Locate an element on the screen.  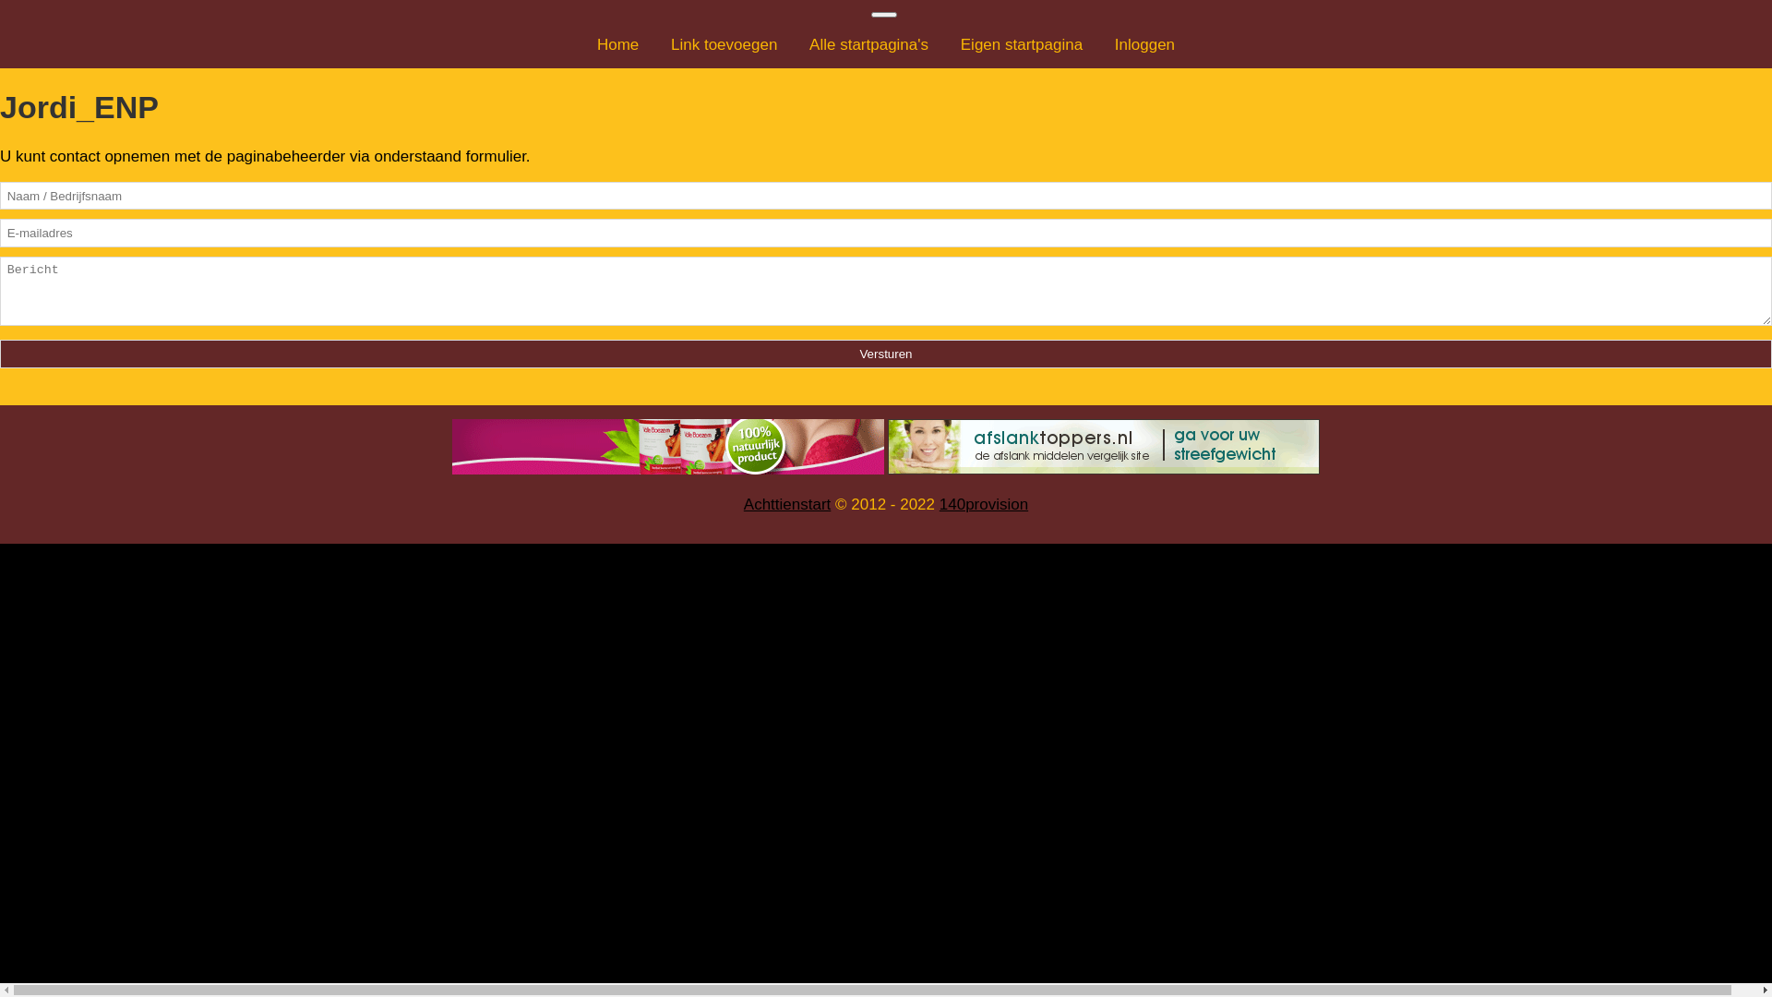
'Inloggen' is located at coordinates (1143, 43).